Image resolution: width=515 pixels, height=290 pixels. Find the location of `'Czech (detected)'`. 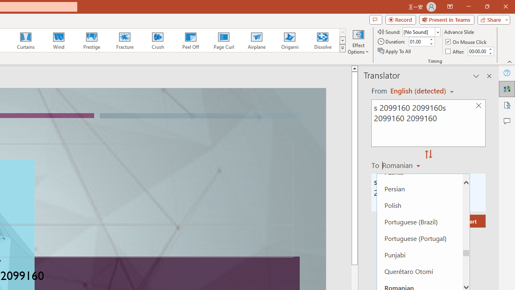

'Czech (detected)' is located at coordinates (418, 91).